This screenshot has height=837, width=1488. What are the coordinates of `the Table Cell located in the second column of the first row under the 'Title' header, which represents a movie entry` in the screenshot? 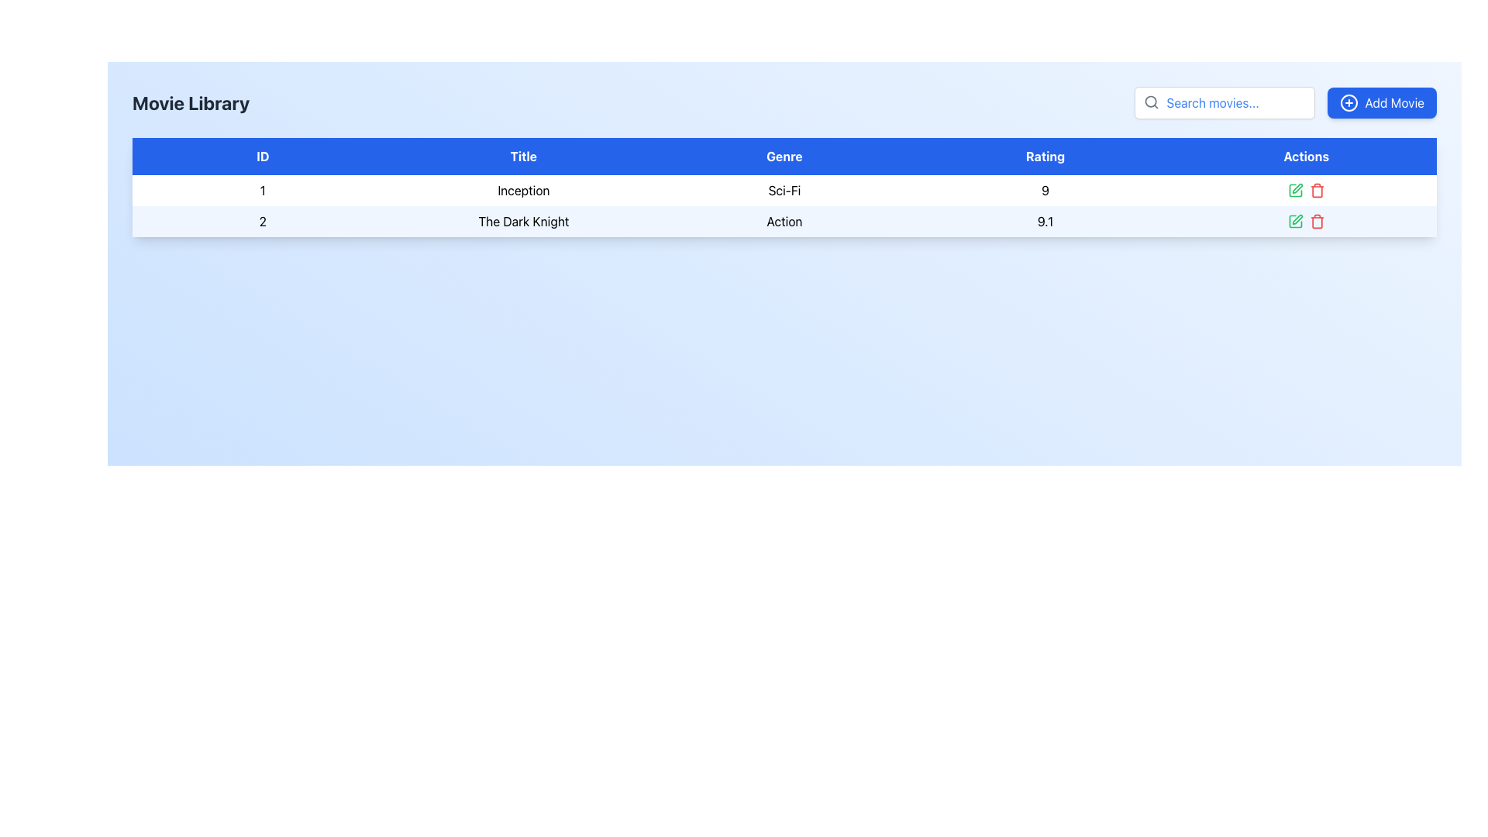 It's located at (523, 190).